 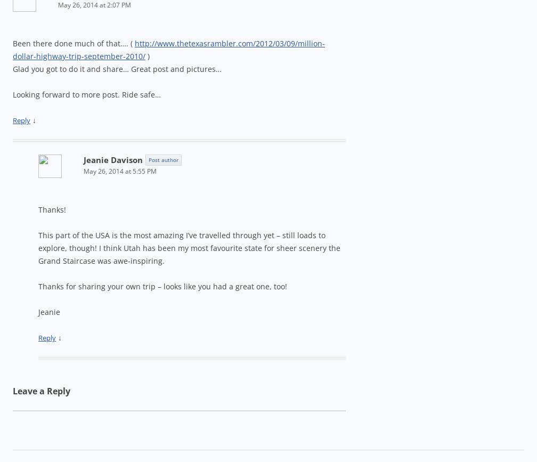 What do you see at coordinates (49, 311) in the screenshot?
I see `'Jeanie'` at bounding box center [49, 311].